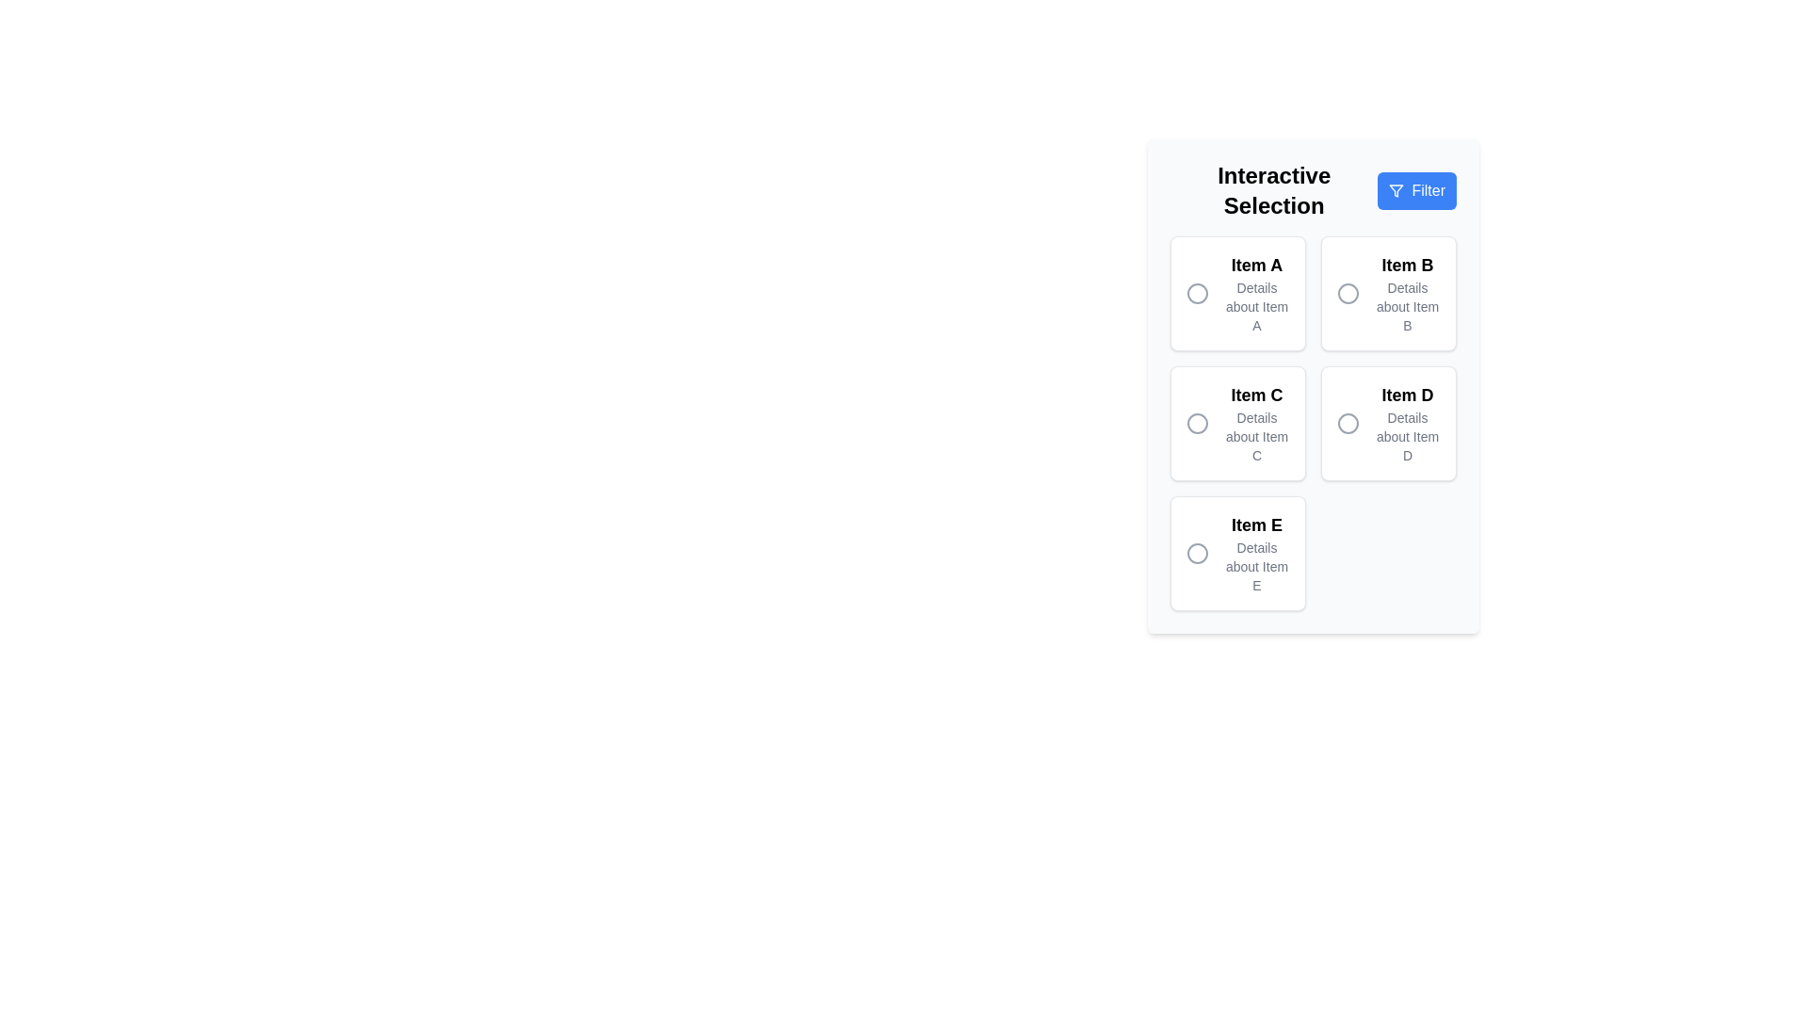 This screenshot has width=1808, height=1017. What do you see at coordinates (1407, 436) in the screenshot?
I see `text label that displays 'Details about Item D', located in a small gray font directly below the title 'Item D' within its rectangular card layout` at bounding box center [1407, 436].